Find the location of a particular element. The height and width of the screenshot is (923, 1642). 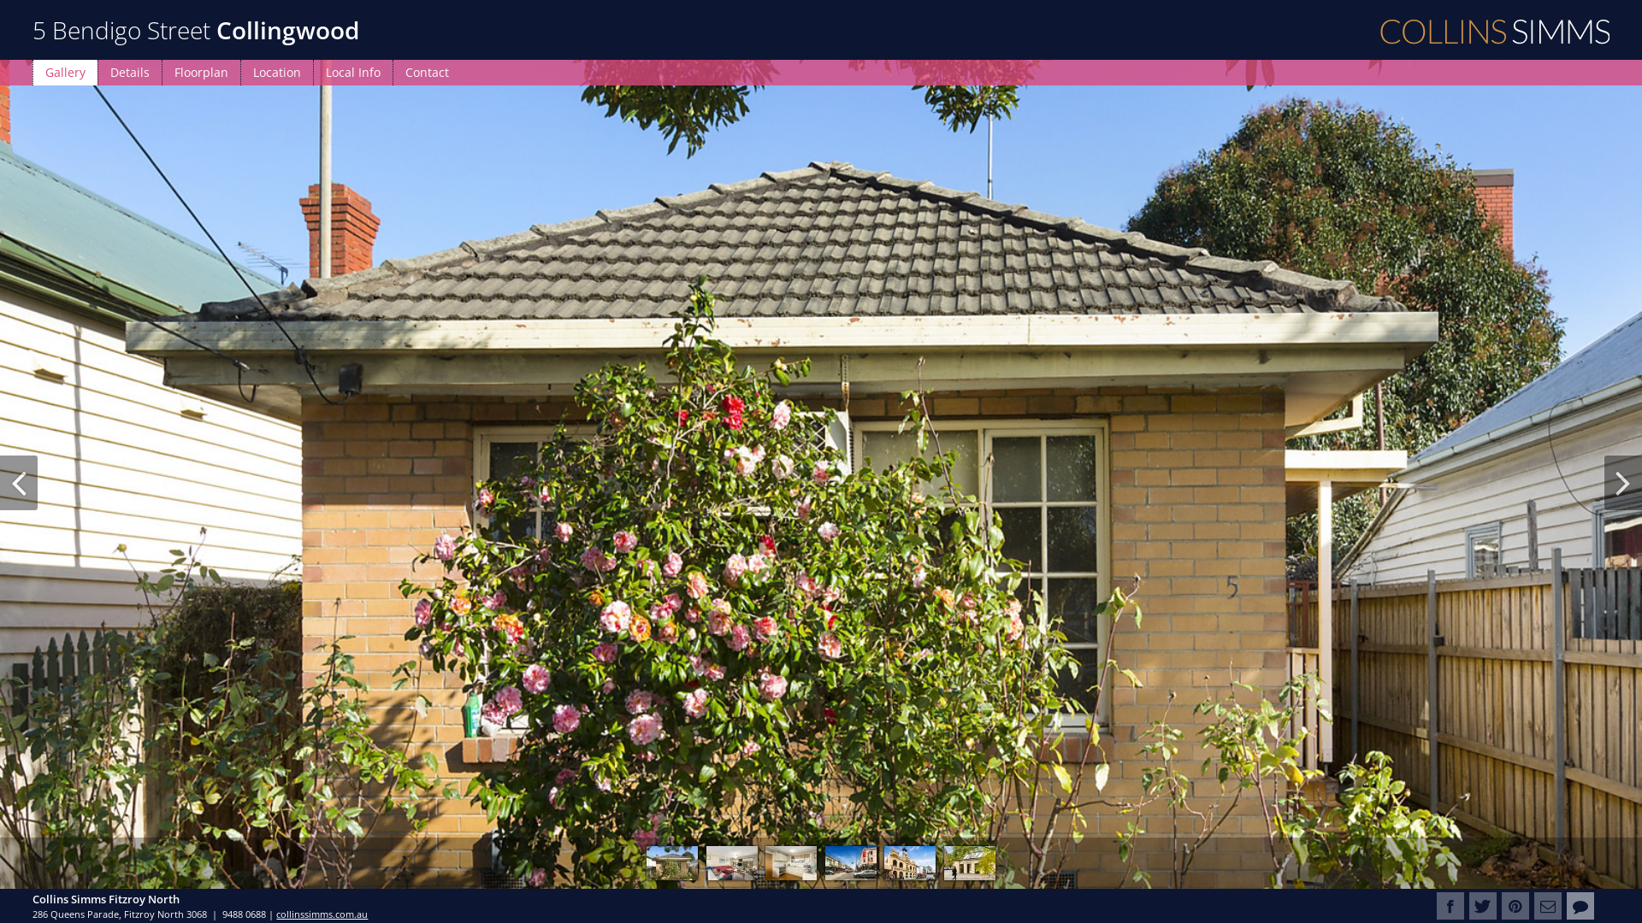

'Contact' is located at coordinates (392, 71).